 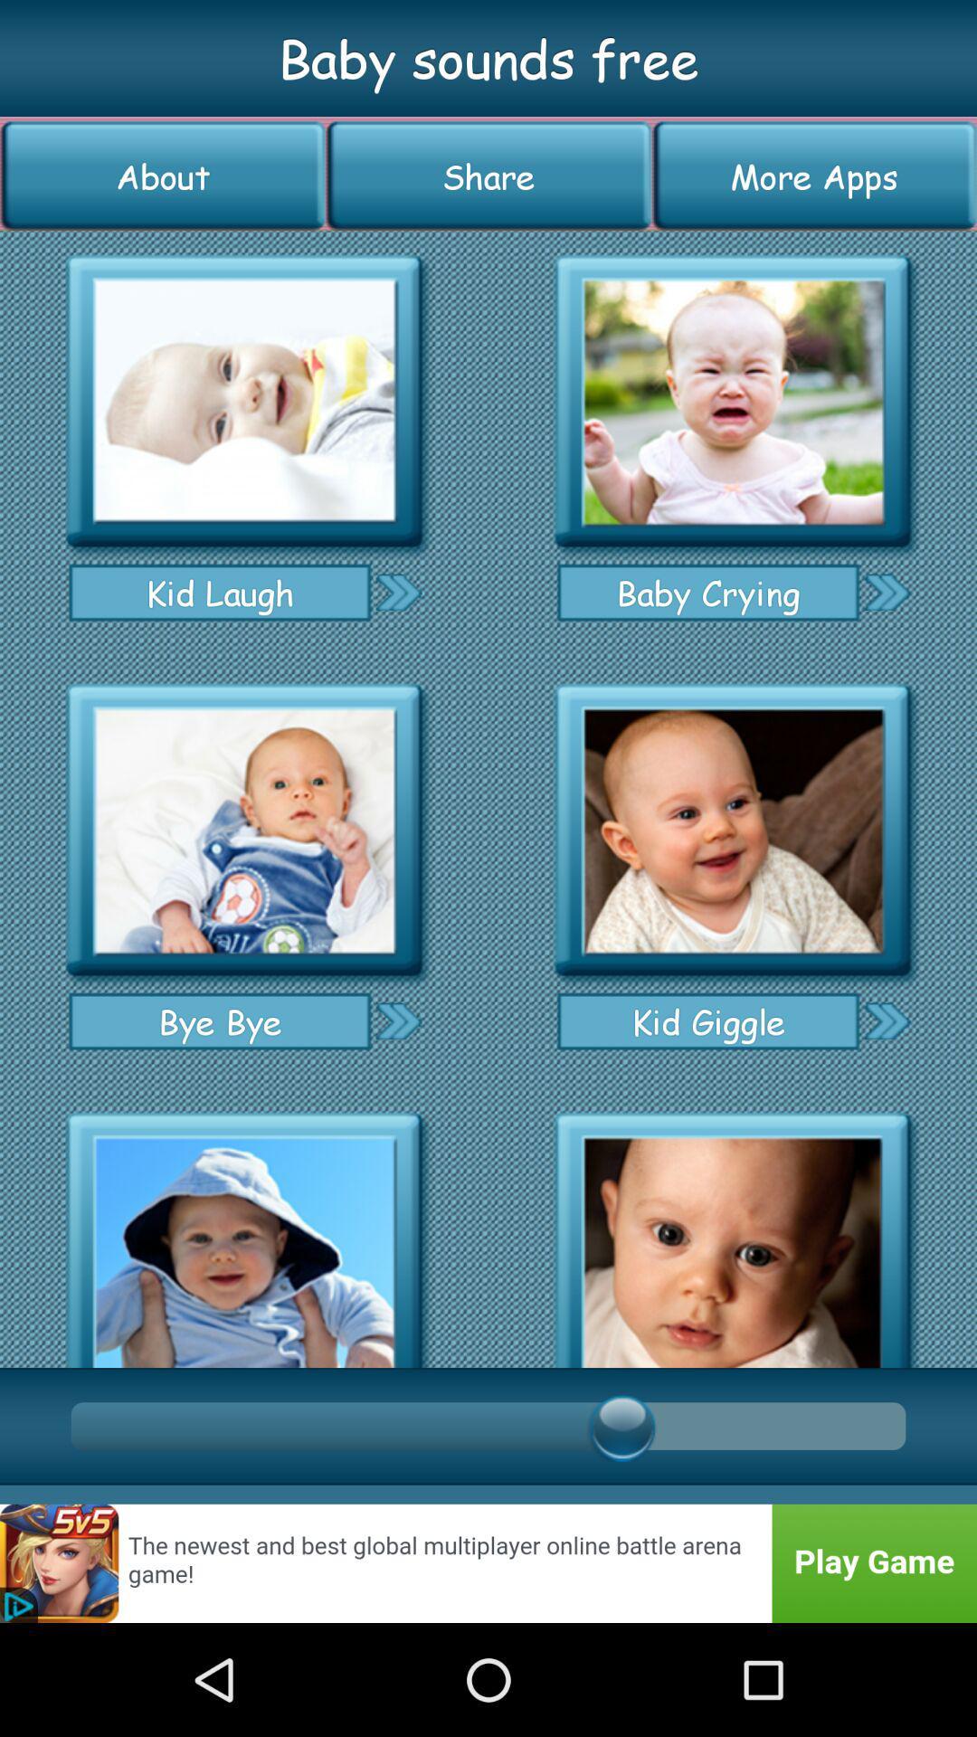 I want to click on kidlaugh, so click(x=244, y=401).